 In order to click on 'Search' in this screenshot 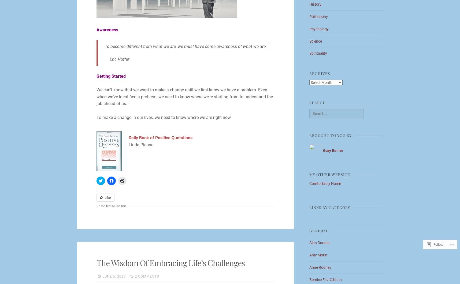, I will do `click(318, 103)`.